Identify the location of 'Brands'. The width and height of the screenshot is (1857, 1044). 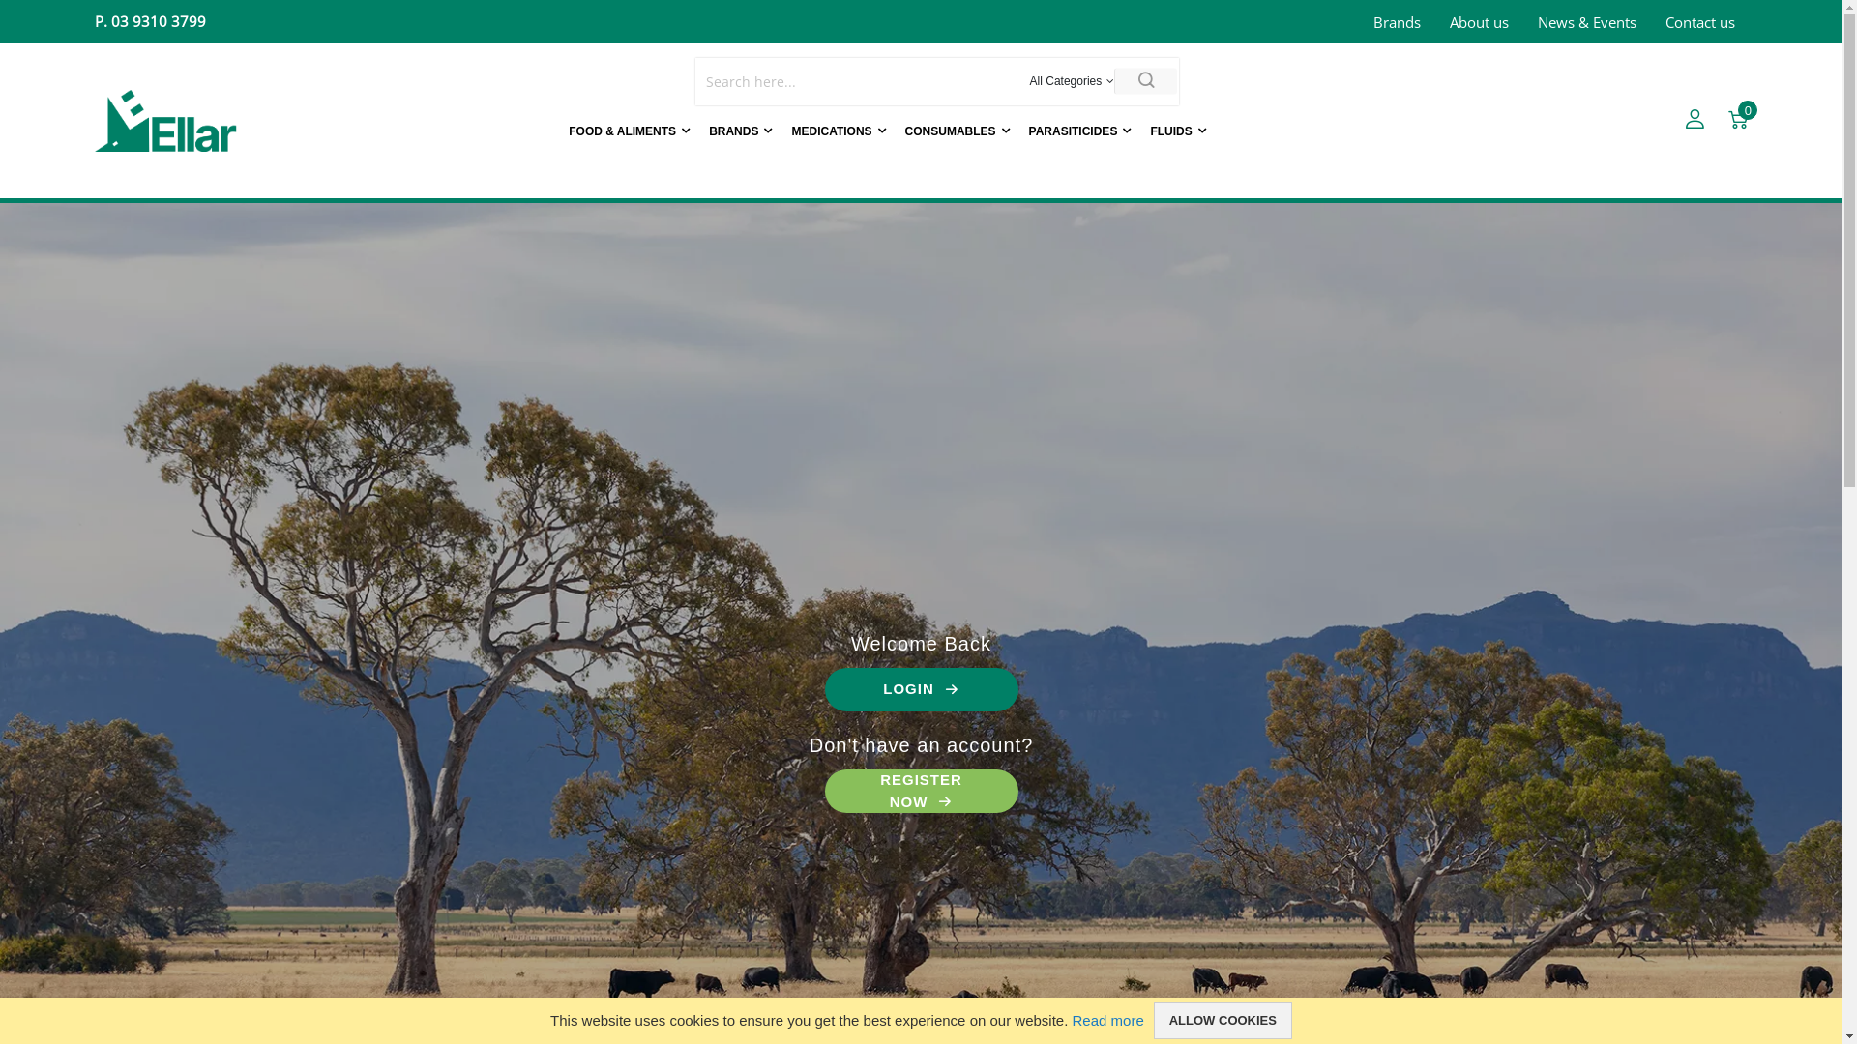
(1397, 22).